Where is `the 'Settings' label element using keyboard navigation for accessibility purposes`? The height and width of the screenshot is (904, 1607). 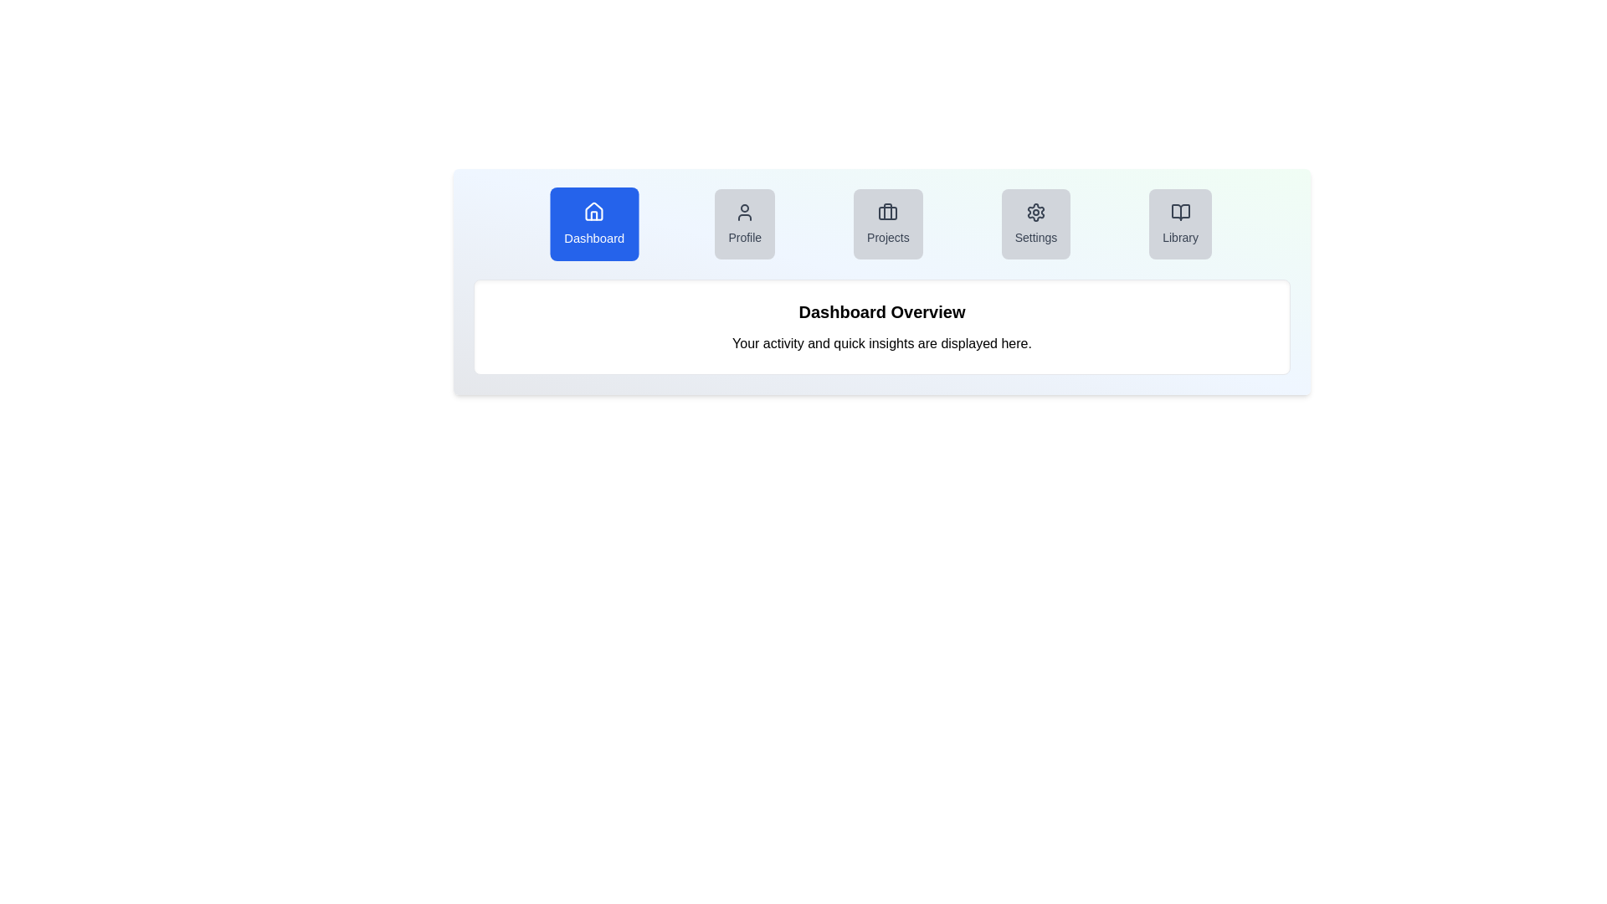
the 'Settings' label element using keyboard navigation for accessibility purposes is located at coordinates (1035, 238).